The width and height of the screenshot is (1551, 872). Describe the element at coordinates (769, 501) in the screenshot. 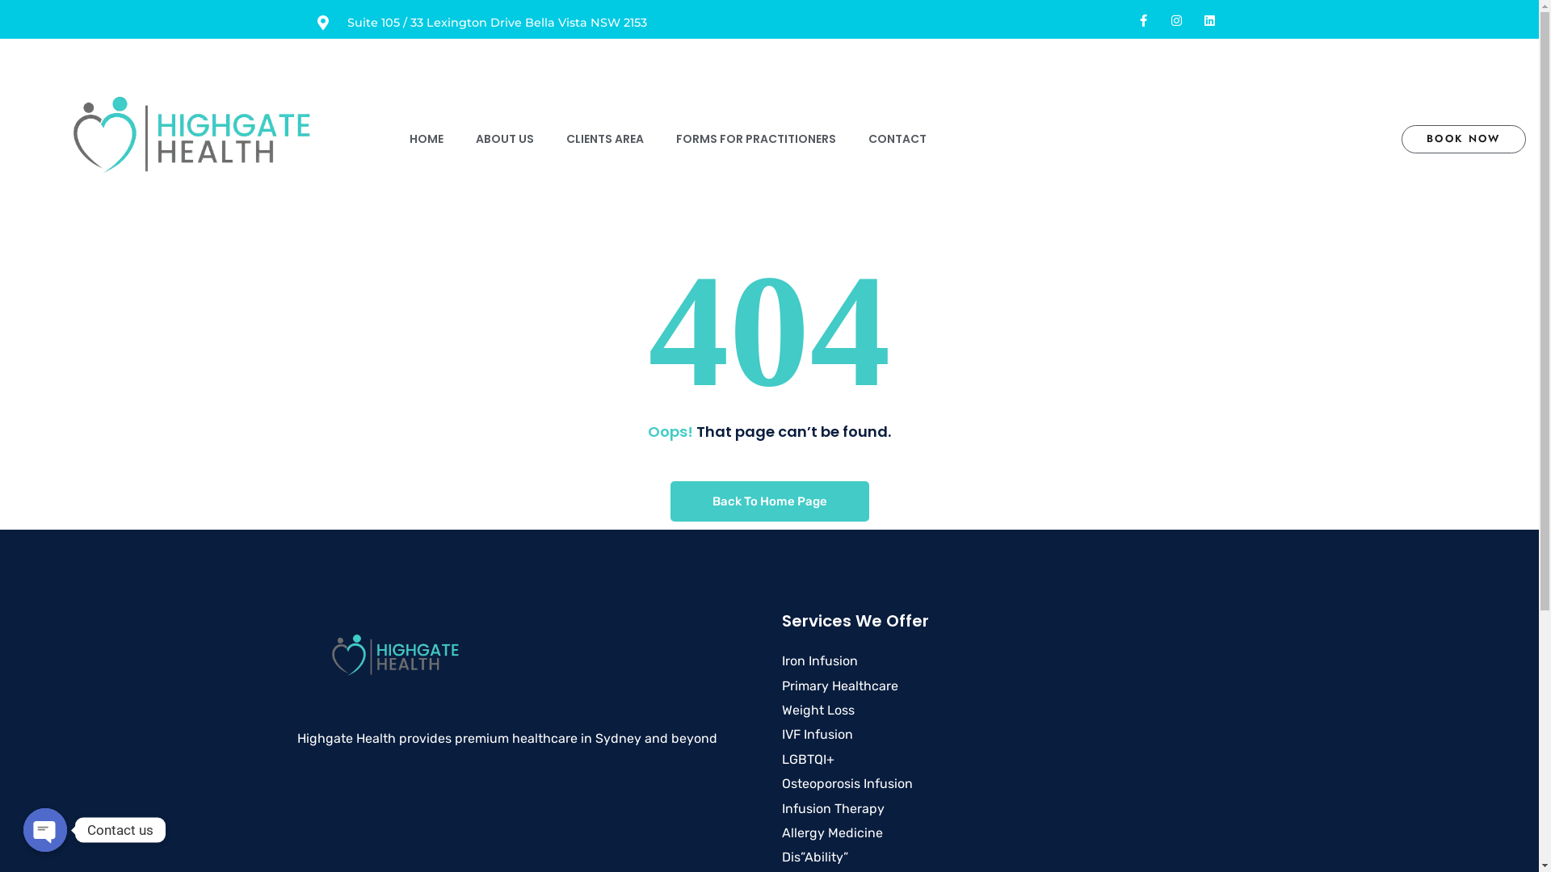

I see `'Back To Home Page'` at that location.